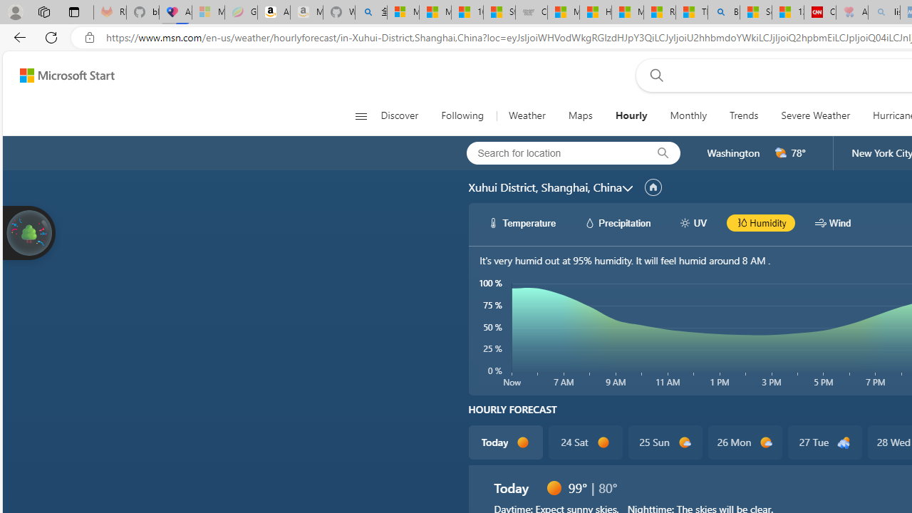 This screenshot has height=513, width=912. Describe the element at coordinates (580, 115) in the screenshot. I see `'Maps'` at that location.